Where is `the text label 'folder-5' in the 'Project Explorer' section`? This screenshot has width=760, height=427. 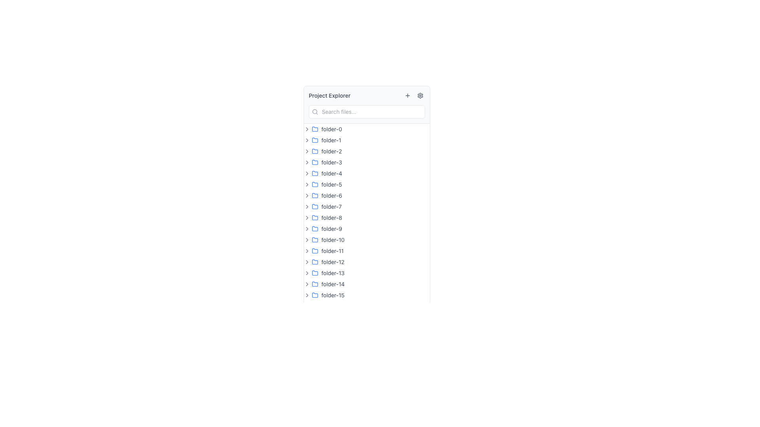
the text label 'folder-5' in the 'Project Explorer' section is located at coordinates (332, 184).